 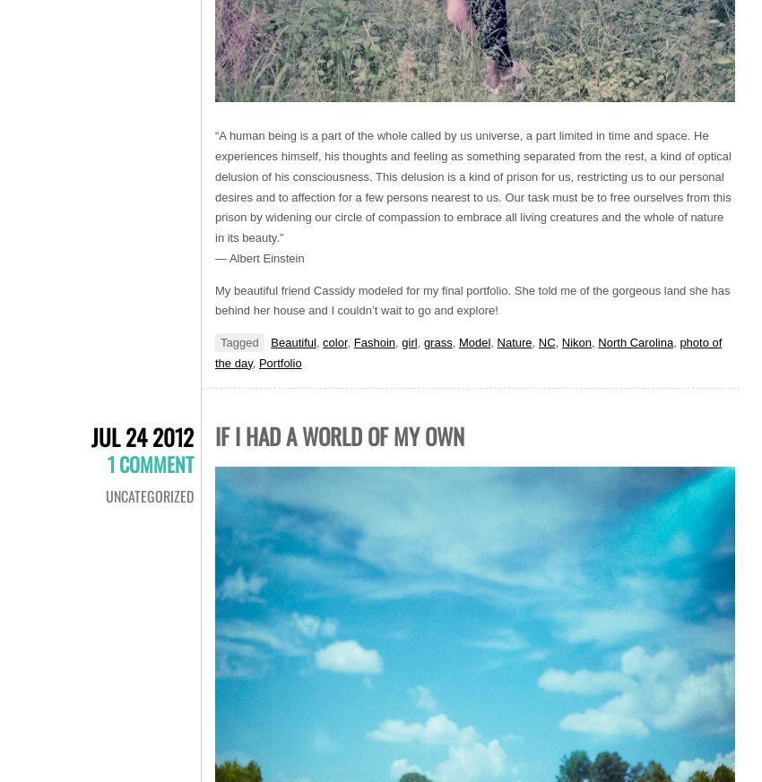 I want to click on 'grass', so click(x=437, y=341).